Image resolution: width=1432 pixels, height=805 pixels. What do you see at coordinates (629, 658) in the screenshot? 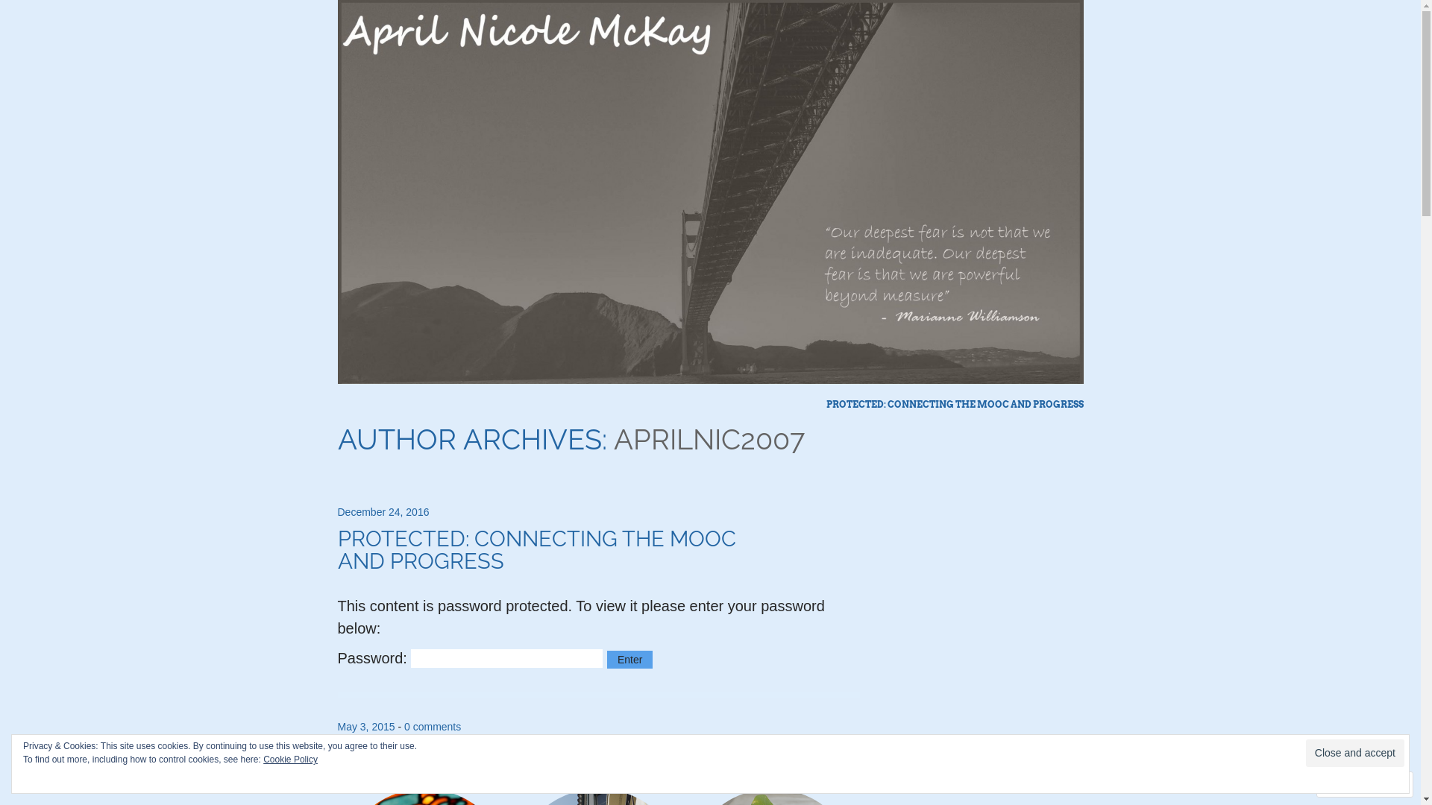
I see `'Enter'` at bounding box center [629, 658].